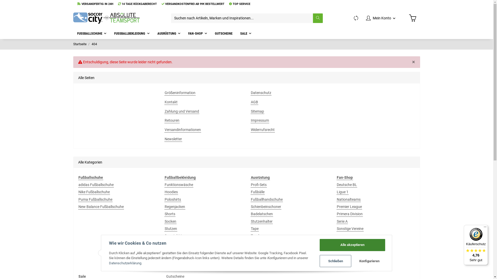 The image size is (497, 279). I want to click on 'Tape', so click(254, 228).